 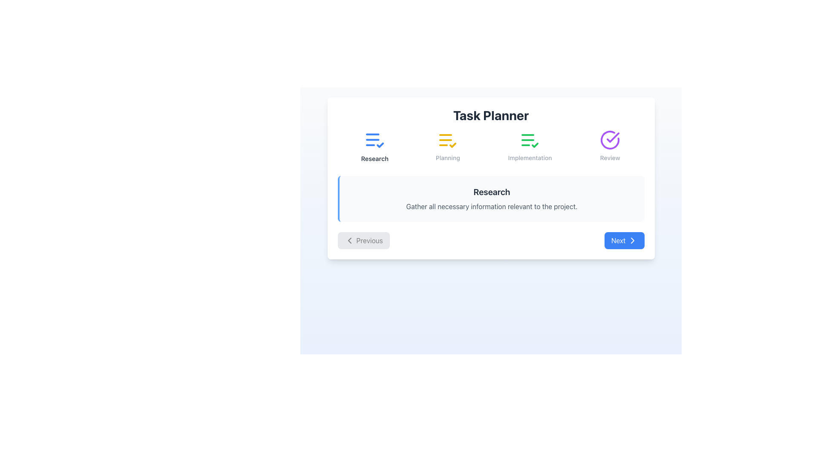 I want to click on the static text element that reads 'Gather all necessary information relevant to the project.' which is styled in light gray and positioned below the header 'Research', so click(x=492, y=207).